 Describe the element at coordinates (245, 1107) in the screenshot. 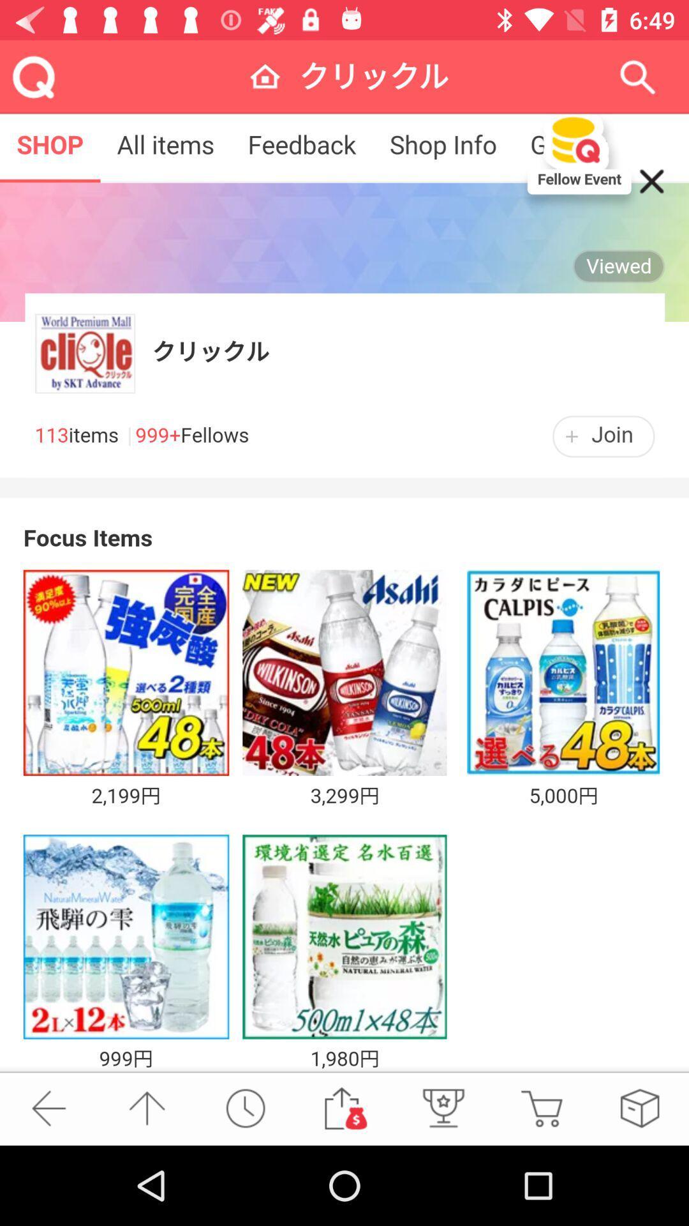

I see `the time icon` at that location.